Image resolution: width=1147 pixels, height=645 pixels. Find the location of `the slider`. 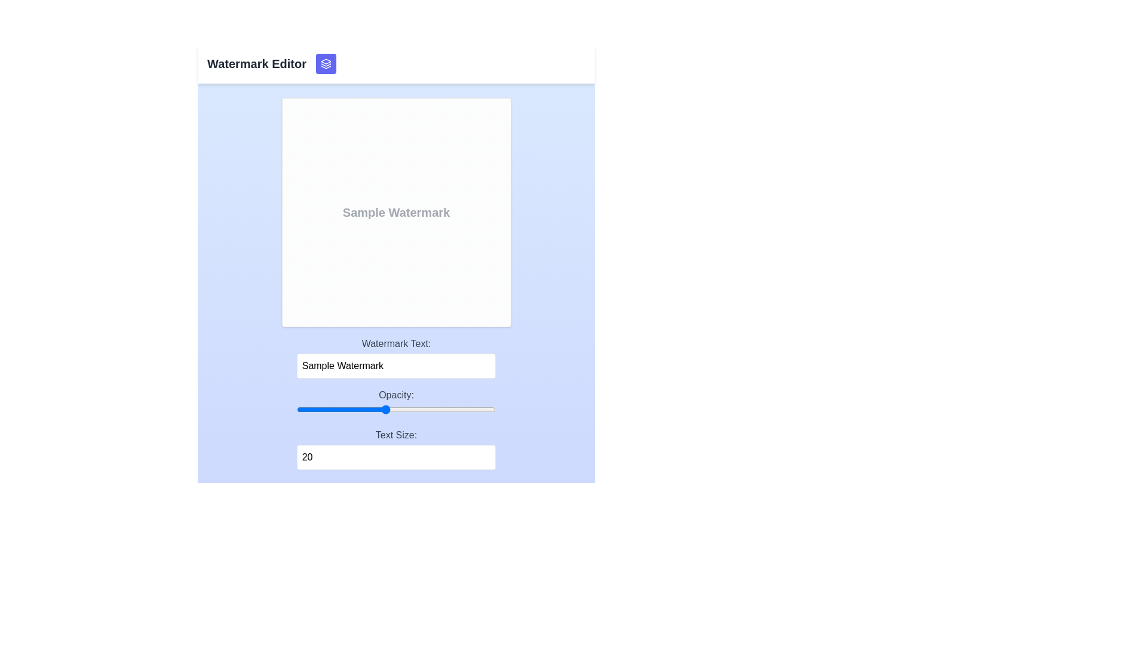

the slider is located at coordinates (274, 409).